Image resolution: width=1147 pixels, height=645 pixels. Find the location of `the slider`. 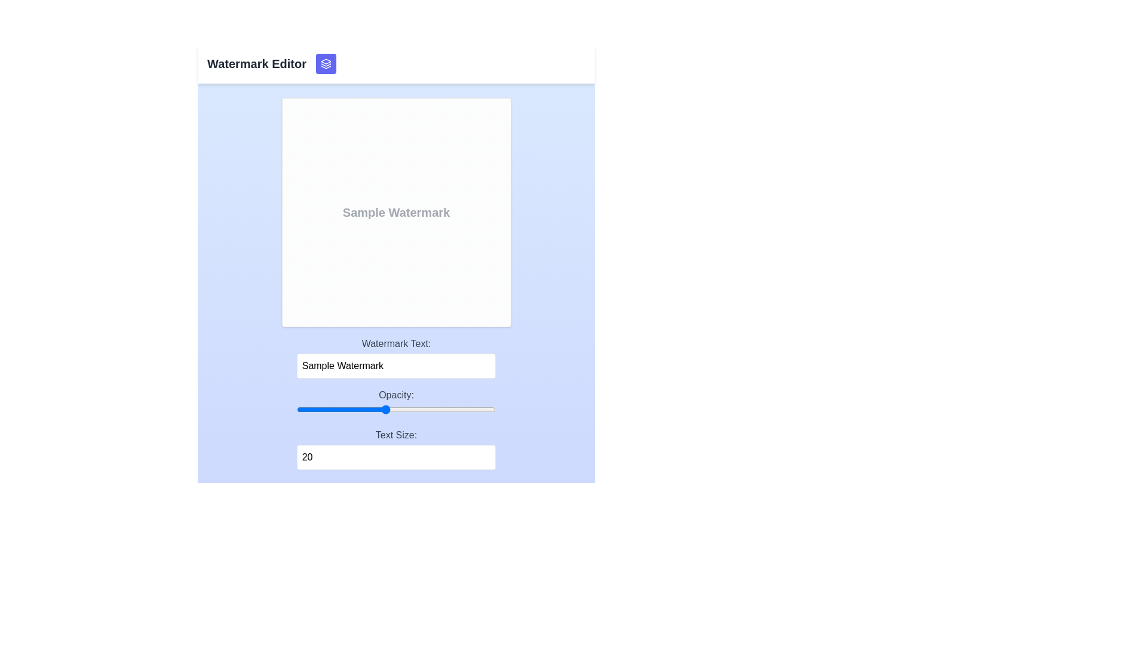

the slider is located at coordinates (274, 409).